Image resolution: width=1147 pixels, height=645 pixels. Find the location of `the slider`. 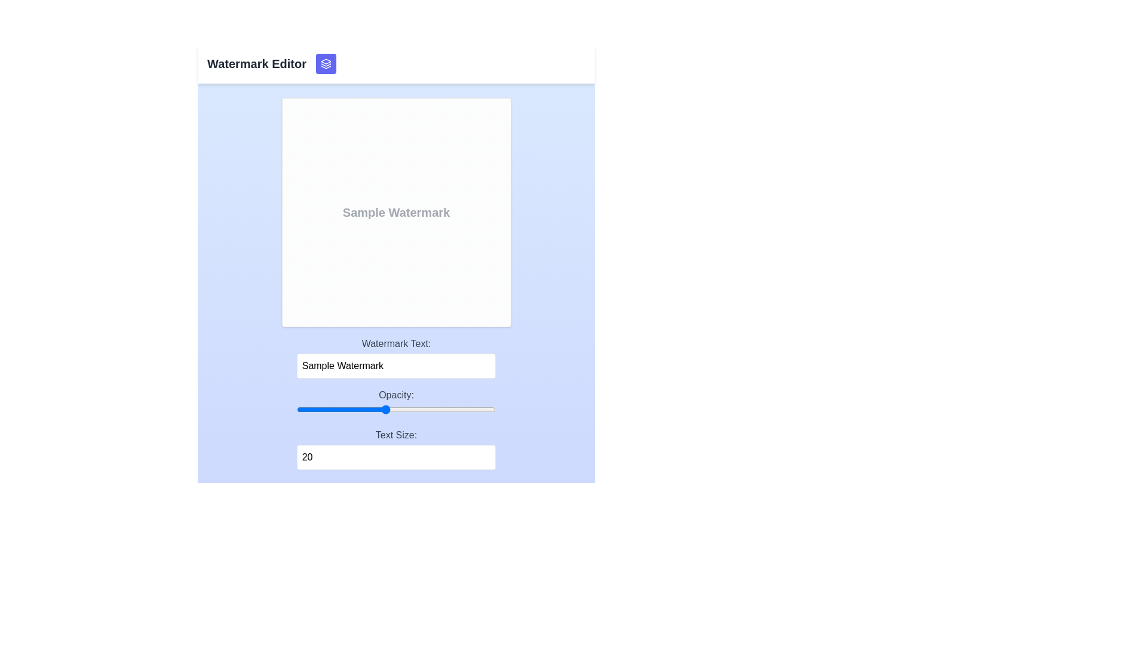

the slider is located at coordinates (274, 409).